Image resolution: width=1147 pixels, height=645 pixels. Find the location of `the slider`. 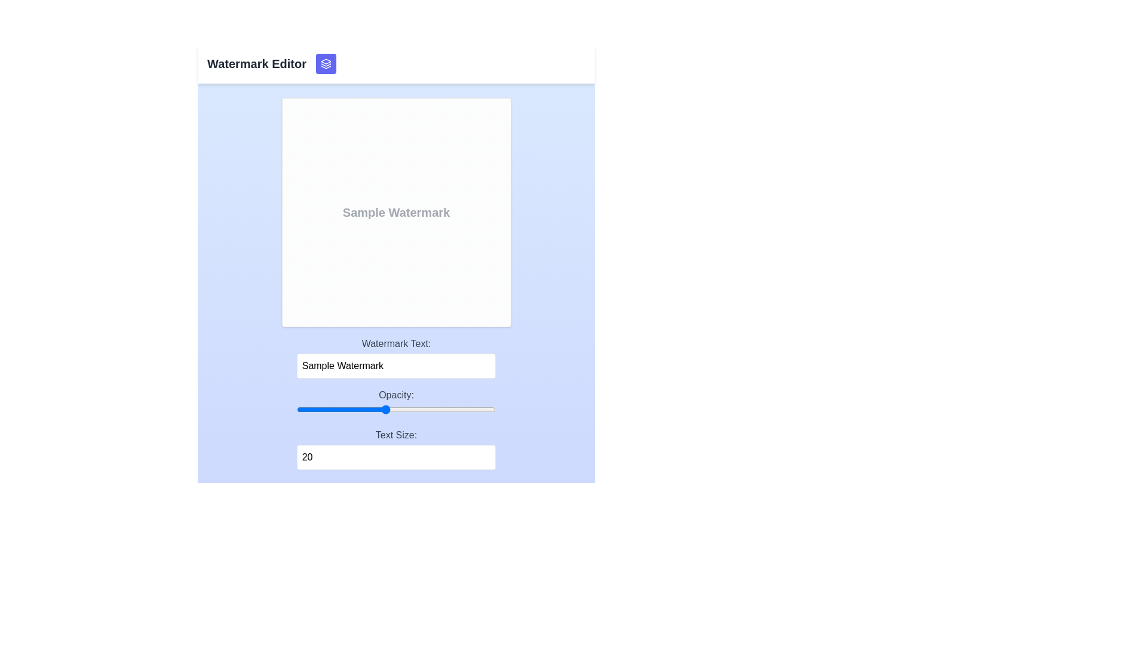

the slider is located at coordinates (274, 409).